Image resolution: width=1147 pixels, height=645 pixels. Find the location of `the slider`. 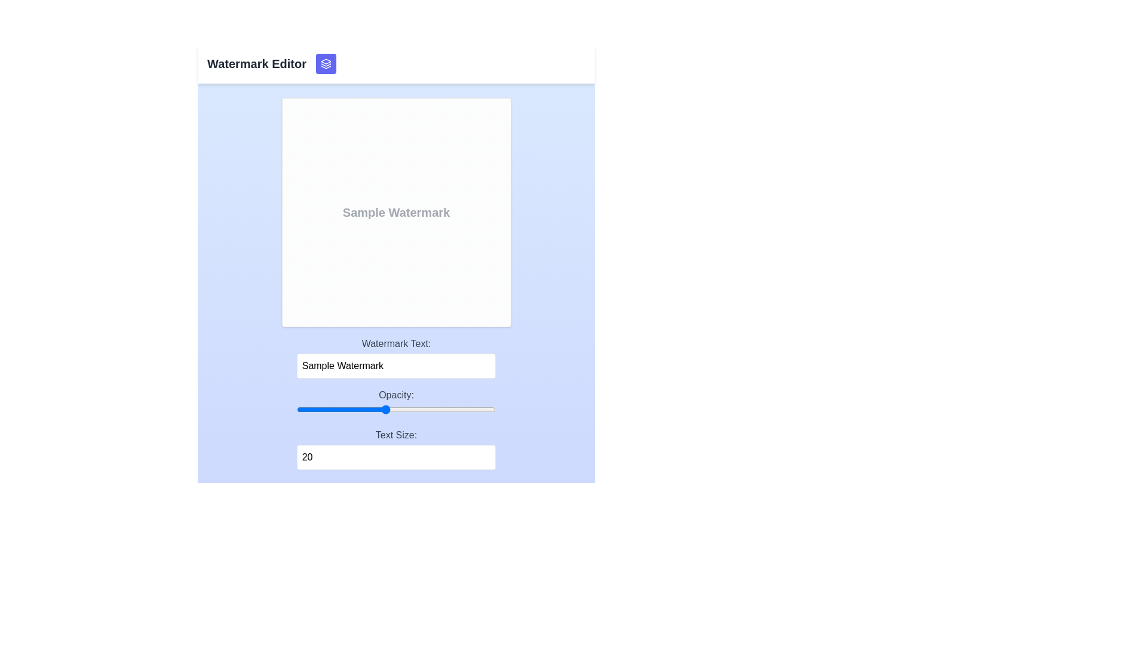

the slider is located at coordinates (274, 409).